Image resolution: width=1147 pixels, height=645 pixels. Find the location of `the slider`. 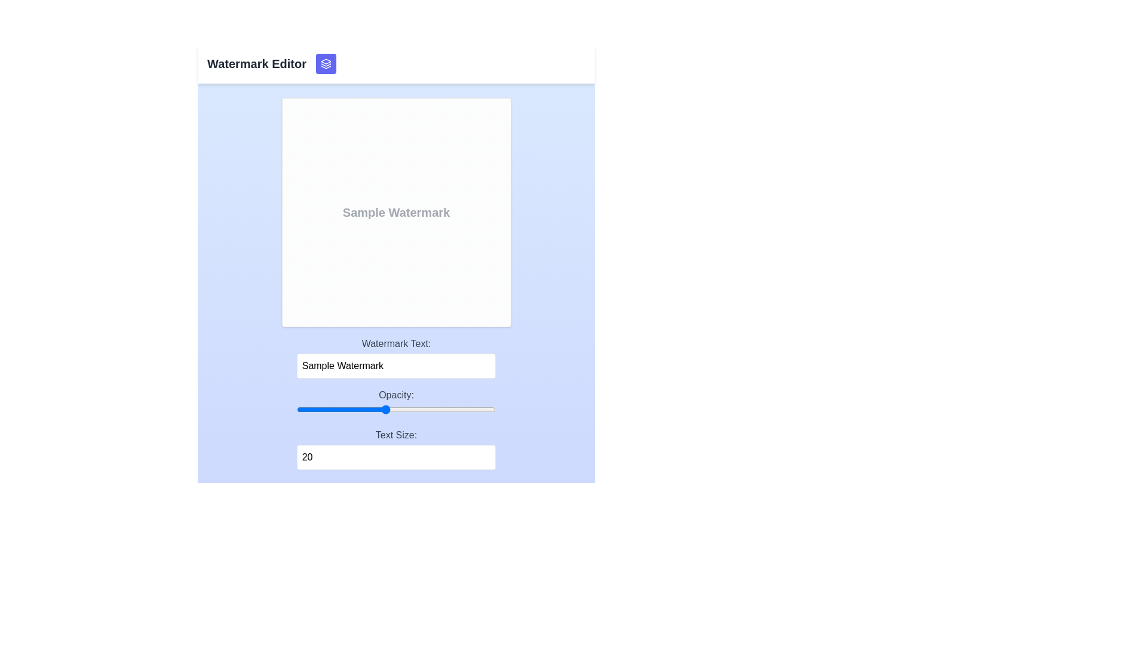

the slider is located at coordinates (274, 409).